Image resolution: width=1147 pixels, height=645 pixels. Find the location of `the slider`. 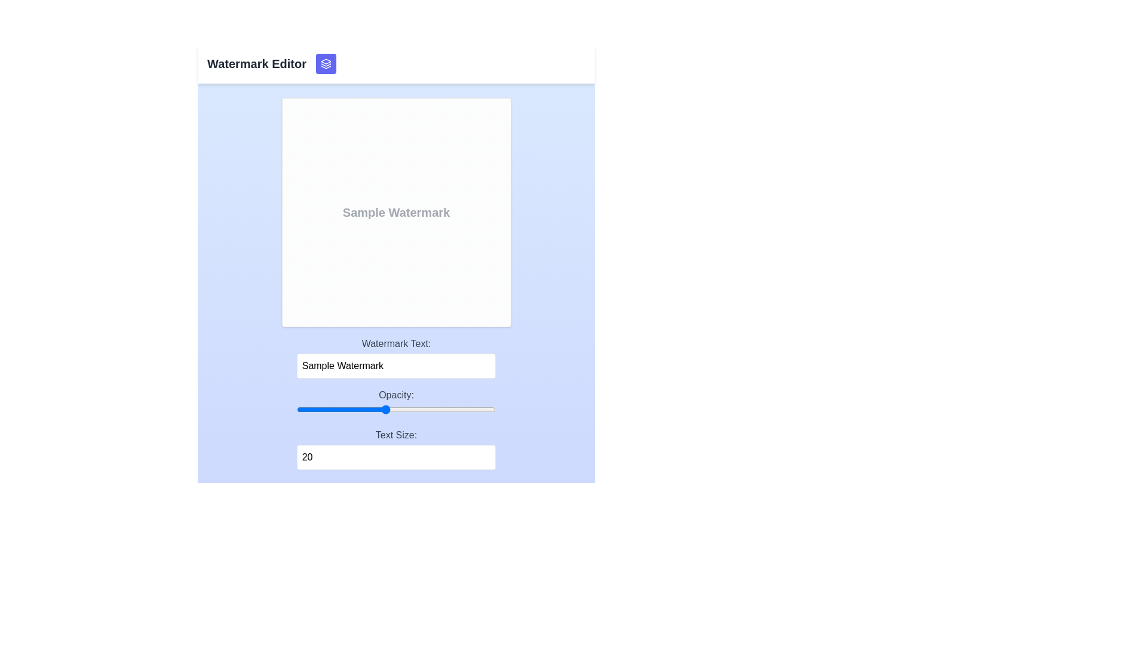

the slider is located at coordinates (274, 409).